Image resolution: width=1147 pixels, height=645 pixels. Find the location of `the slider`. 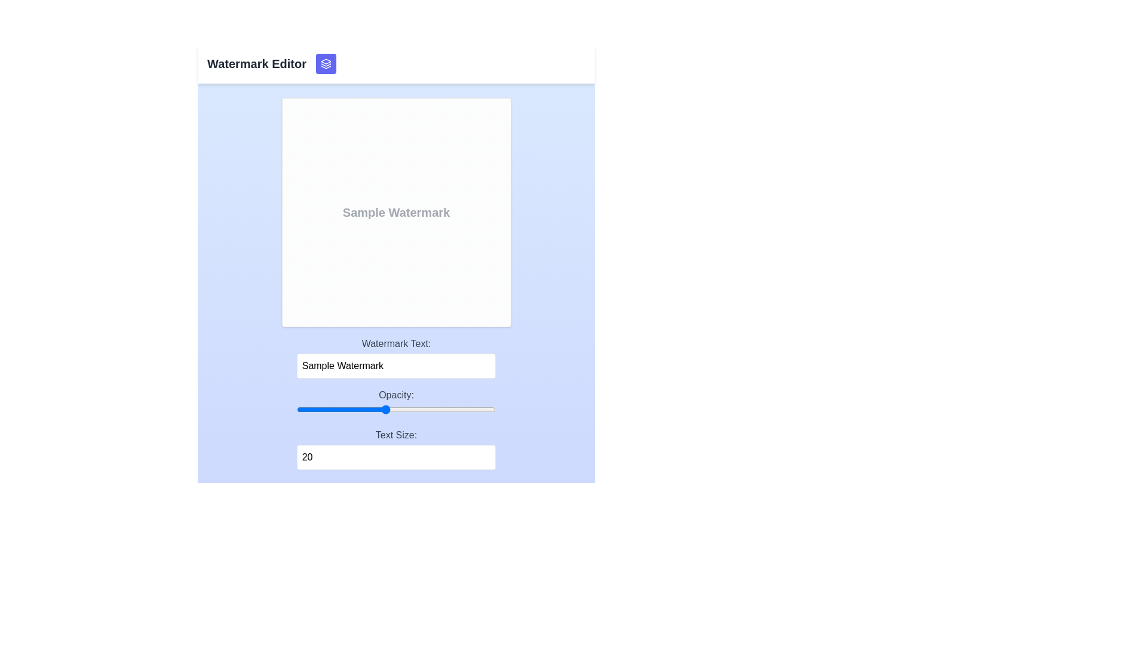

the slider is located at coordinates (274, 409).